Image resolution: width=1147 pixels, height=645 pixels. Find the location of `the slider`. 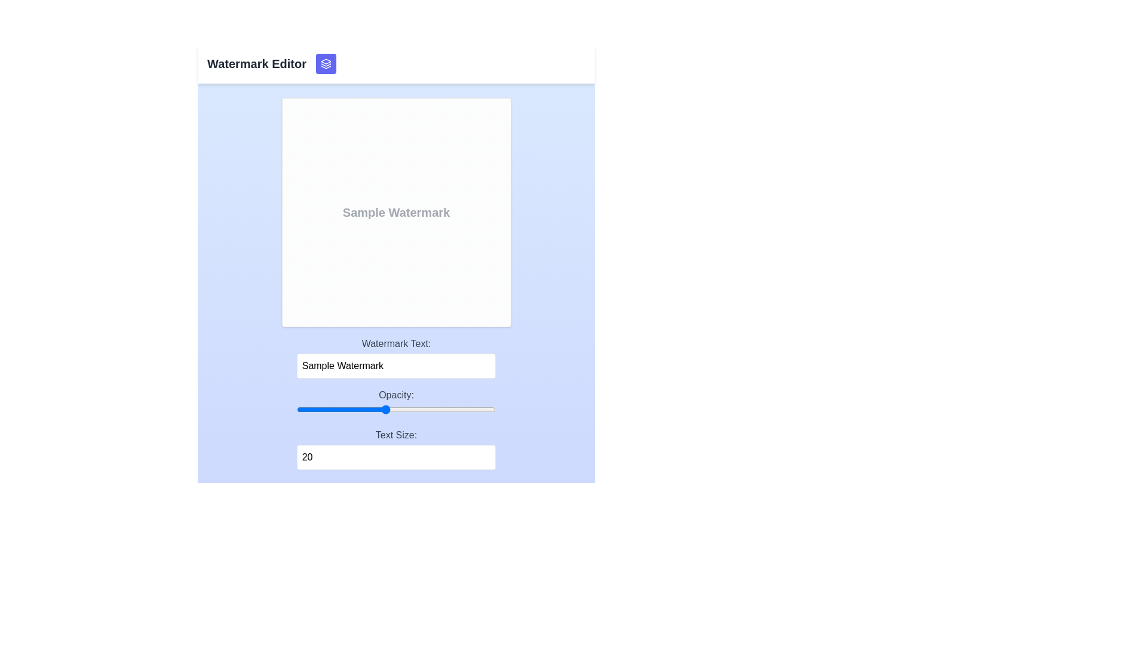

the slider is located at coordinates (274, 409).